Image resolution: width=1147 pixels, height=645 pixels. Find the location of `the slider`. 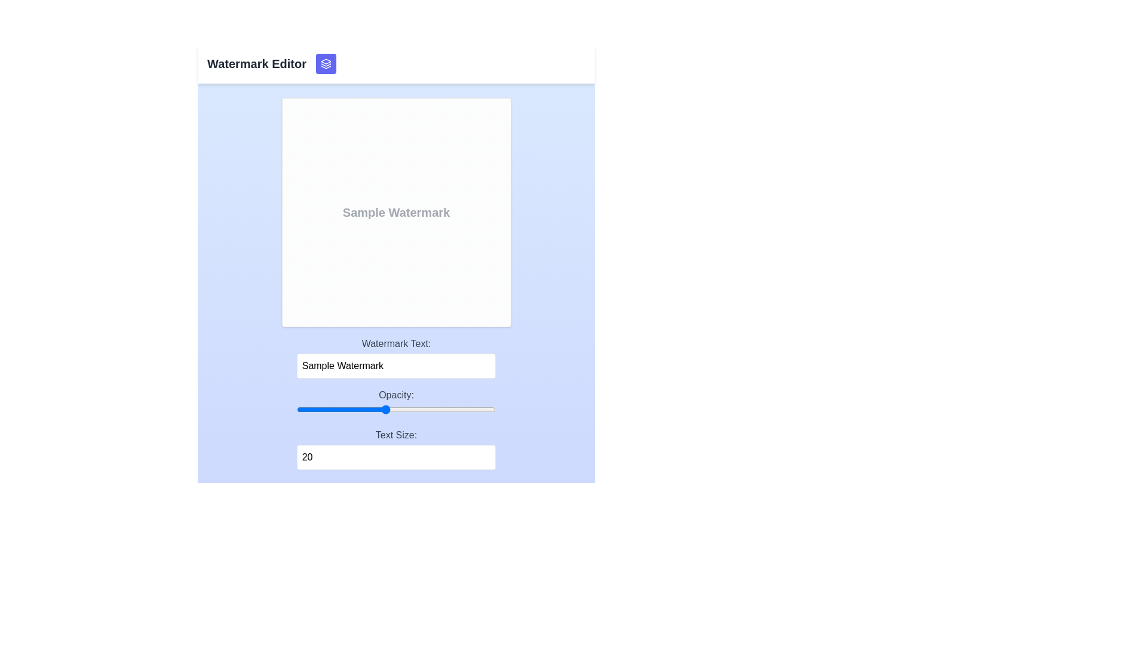

the slider is located at coordinates (274, 409).